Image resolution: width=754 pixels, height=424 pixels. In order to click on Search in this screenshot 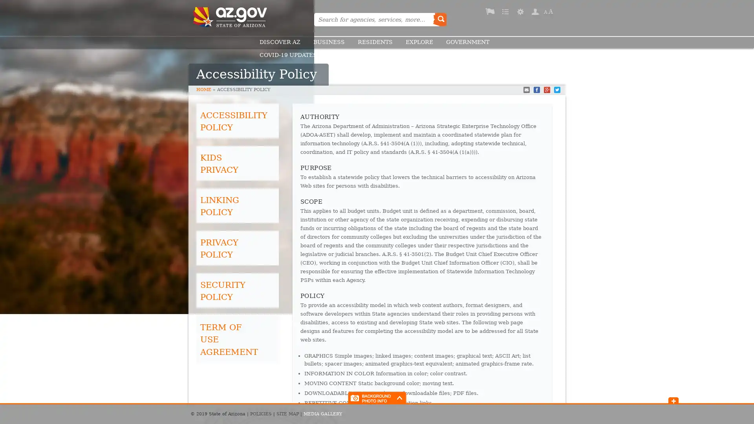, I will do `click(439, 19)`.